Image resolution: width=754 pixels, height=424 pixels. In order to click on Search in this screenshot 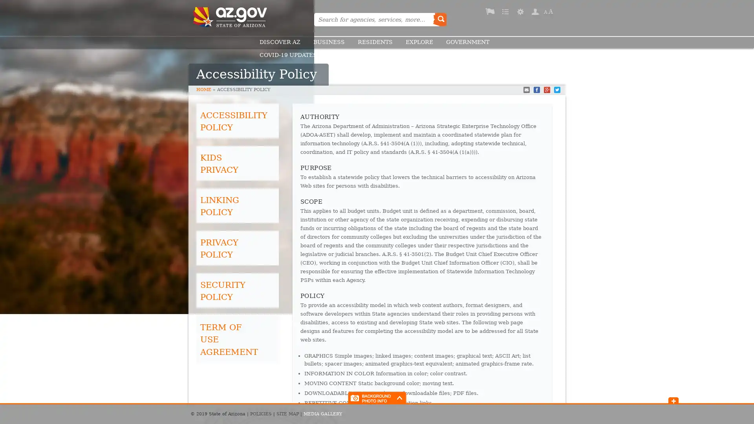, I will do `click(439, 19)`.